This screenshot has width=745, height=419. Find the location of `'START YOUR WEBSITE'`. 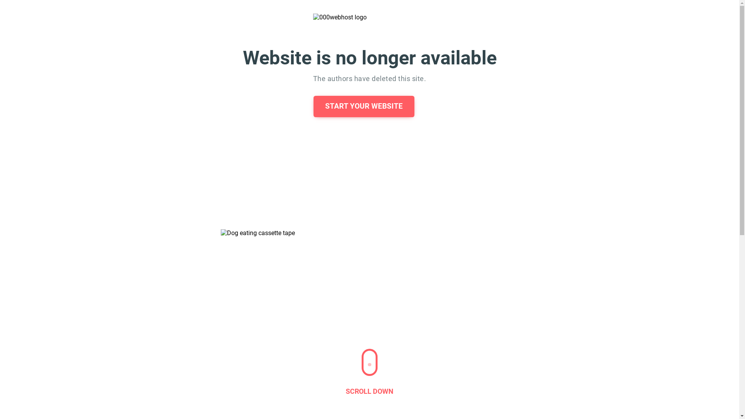

'START YOUR WEBSITE' is located at coordinates (363, 106).